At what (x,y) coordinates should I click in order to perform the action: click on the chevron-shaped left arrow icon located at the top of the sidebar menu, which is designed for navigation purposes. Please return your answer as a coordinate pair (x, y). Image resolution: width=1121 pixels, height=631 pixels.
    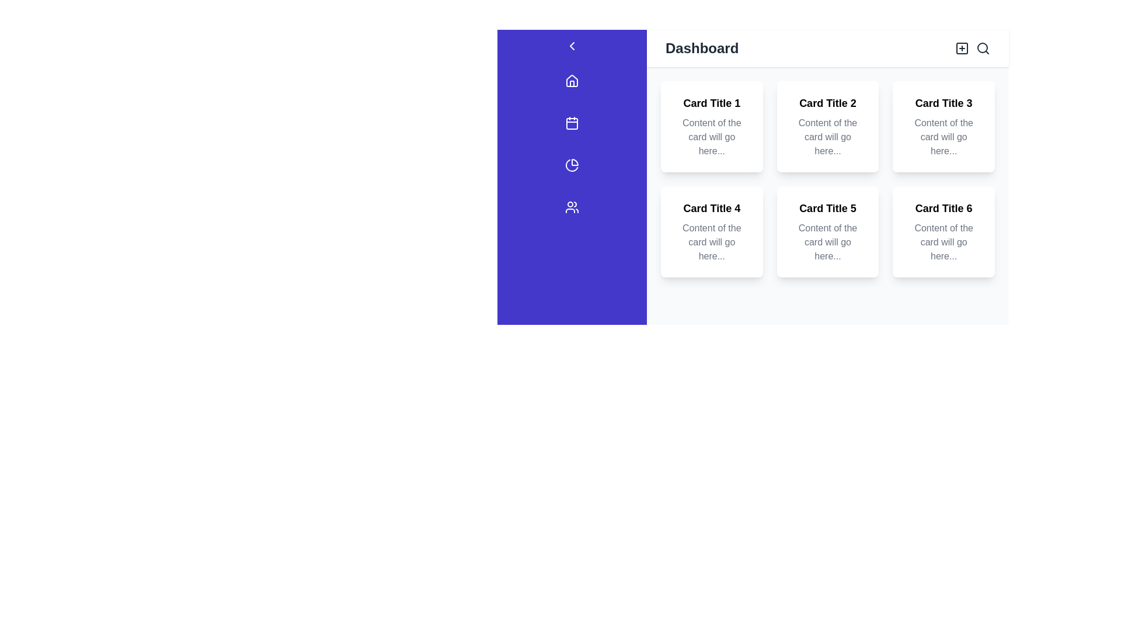
    Looking at the image, I should click on (572, 45).